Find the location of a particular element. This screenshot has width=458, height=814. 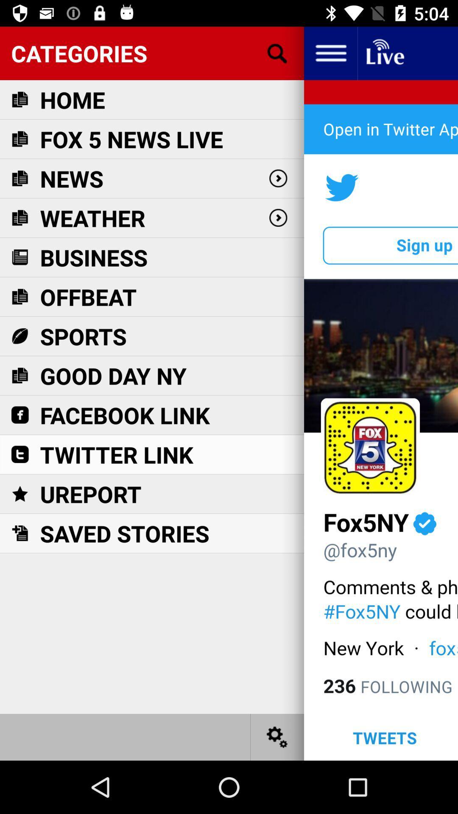

collapse sidebar is located at coordinates (330, 53).